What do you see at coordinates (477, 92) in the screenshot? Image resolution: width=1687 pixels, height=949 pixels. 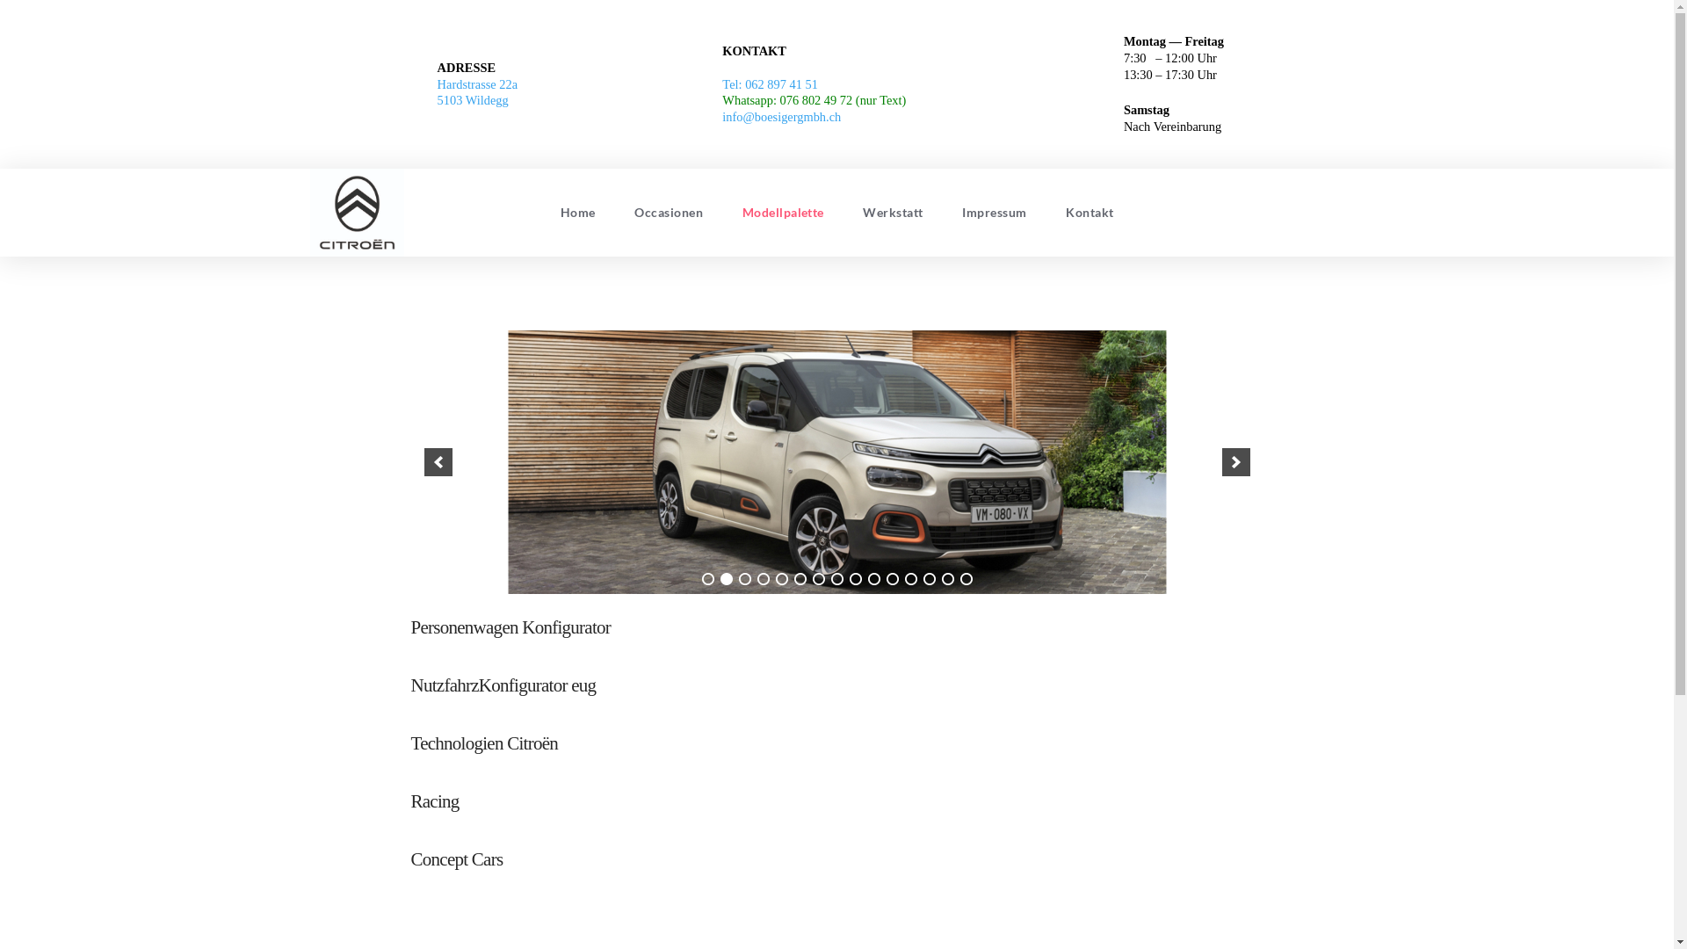 I see `'Hardstrasse 22a` at bounding box center [477, 92].